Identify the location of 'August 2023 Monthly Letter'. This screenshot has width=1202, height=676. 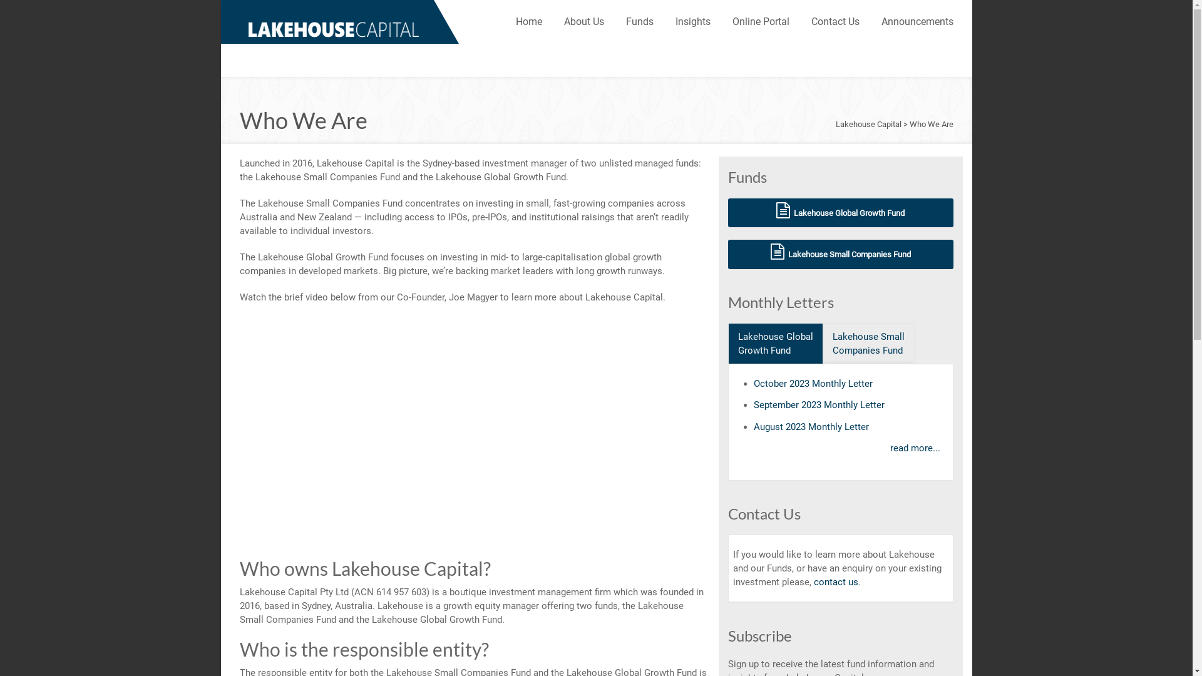
(811, 426).